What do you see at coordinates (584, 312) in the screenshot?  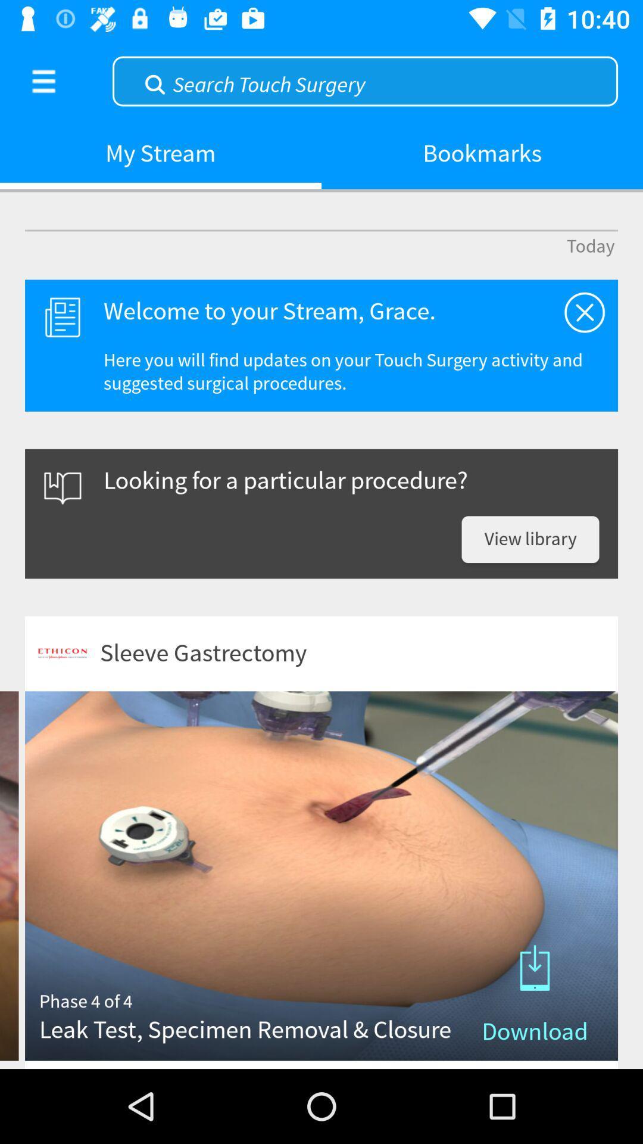 I see `the icon to the right of welcome to your item` at bounding box center [584, 312].